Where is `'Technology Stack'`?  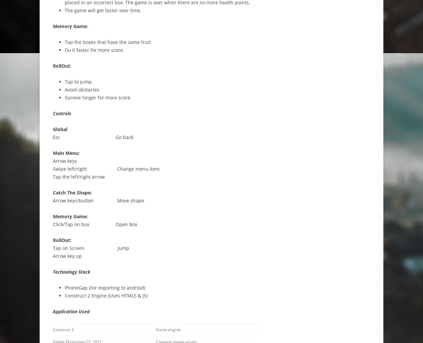 'Technology Stack' is located at coordinates (71, 271).